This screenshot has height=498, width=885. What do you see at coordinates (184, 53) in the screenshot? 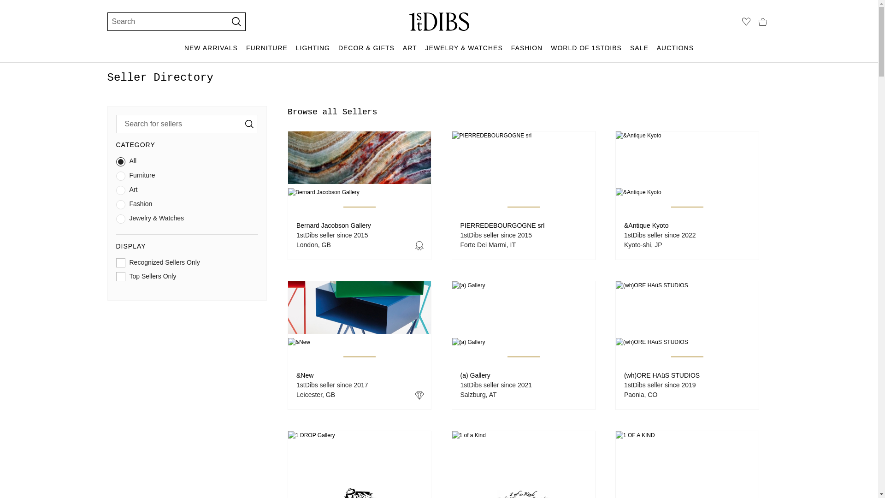
I see `'NEW ARRIVALS'` at bounding box center [184, 53].